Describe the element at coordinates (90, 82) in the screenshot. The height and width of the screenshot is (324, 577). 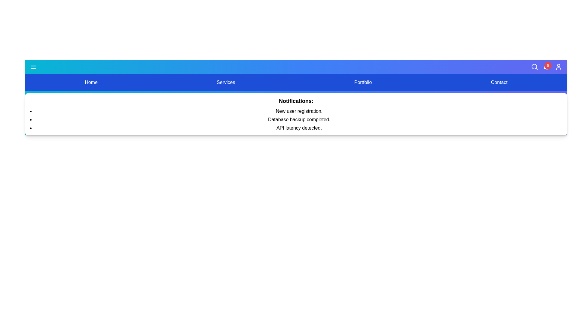
I see `the menu option Home by clicking on it` at that location.